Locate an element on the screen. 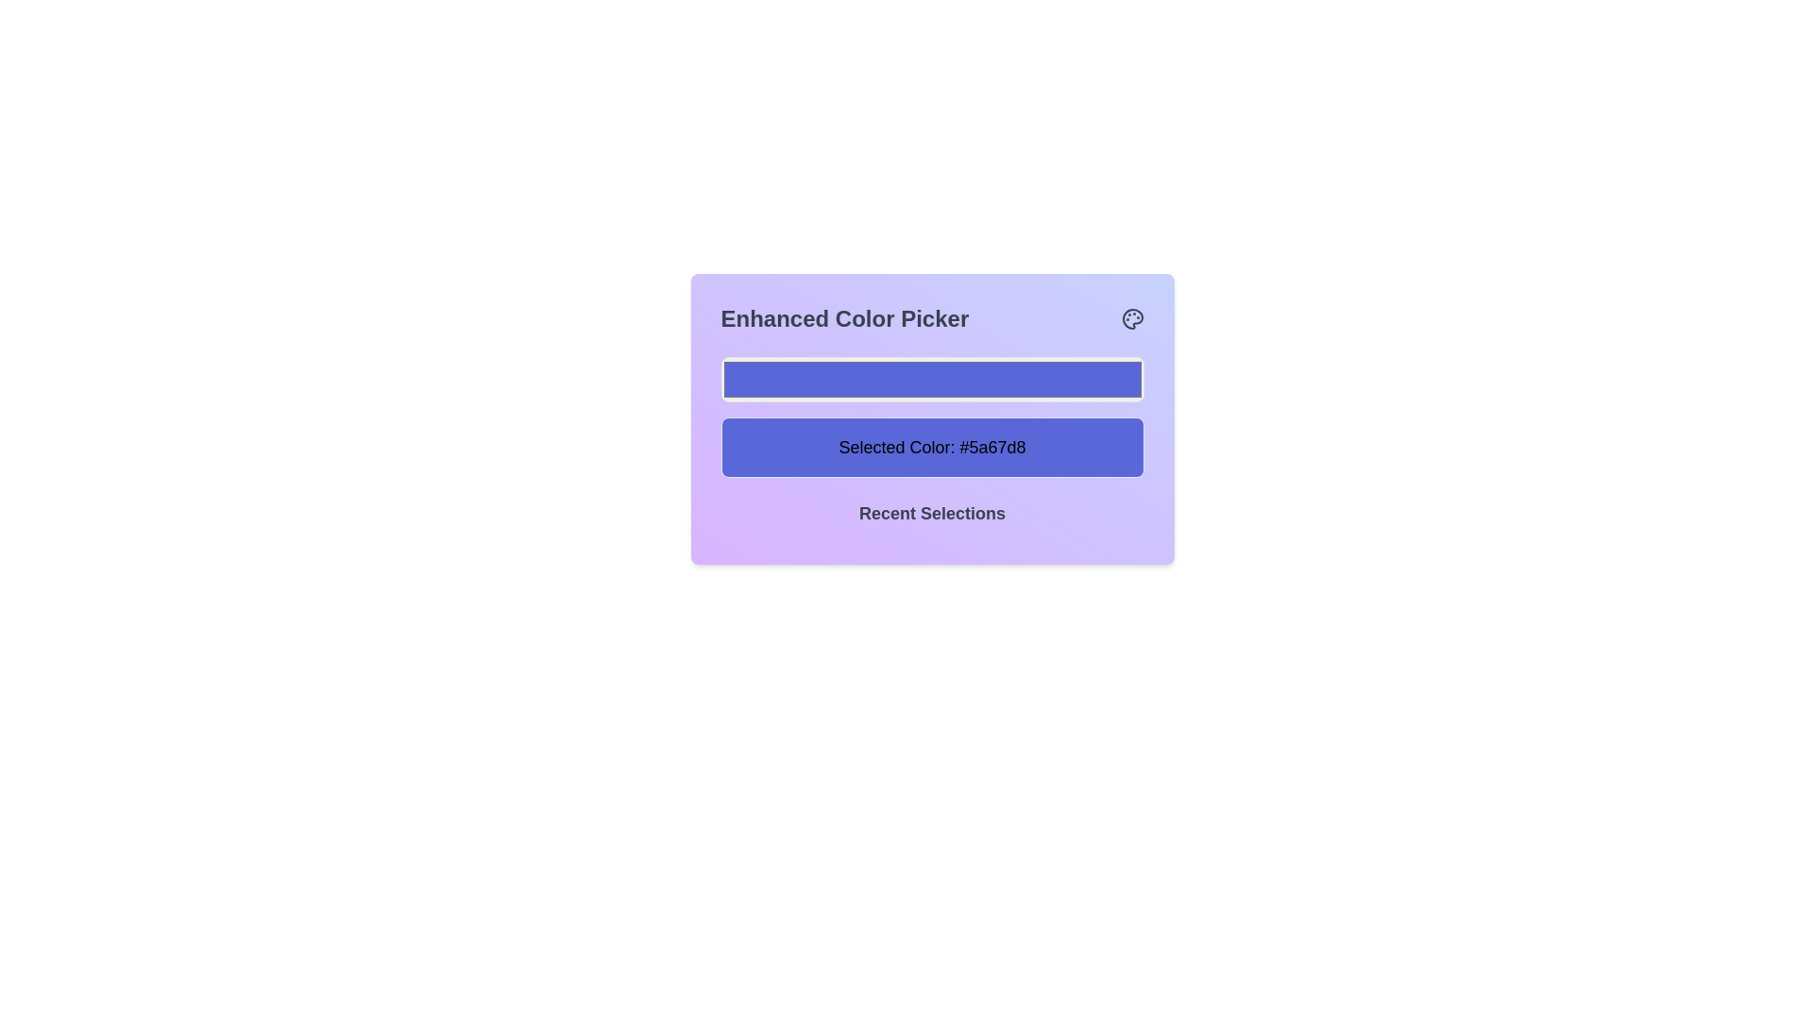 Image resolution: width=1813 pixels, height=1020 pixels. the text display with styled background that shows the currently selected color, located beneath the color input box and above the 'Recent Selections' section in the 'Enhanced Color Picker' component is located at coordinates (932, 448).